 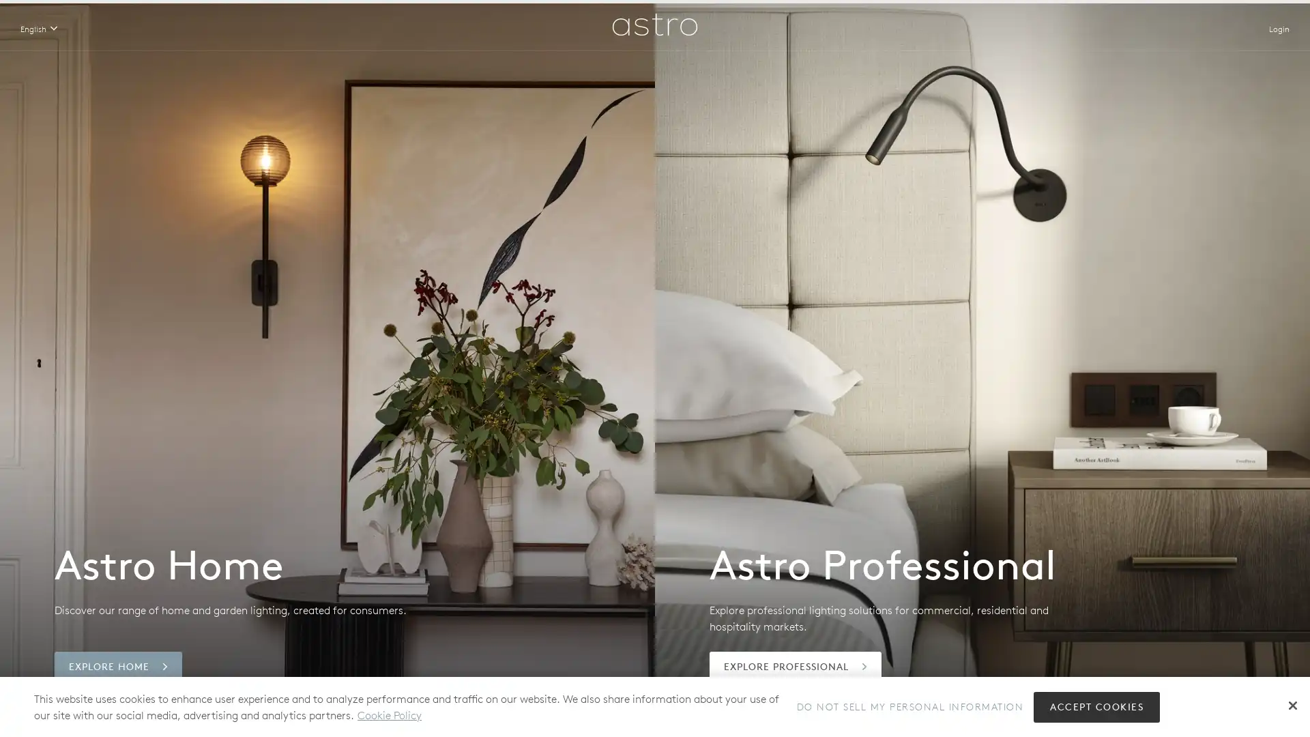 I want to click on Close, so click(x=1292, y=705).